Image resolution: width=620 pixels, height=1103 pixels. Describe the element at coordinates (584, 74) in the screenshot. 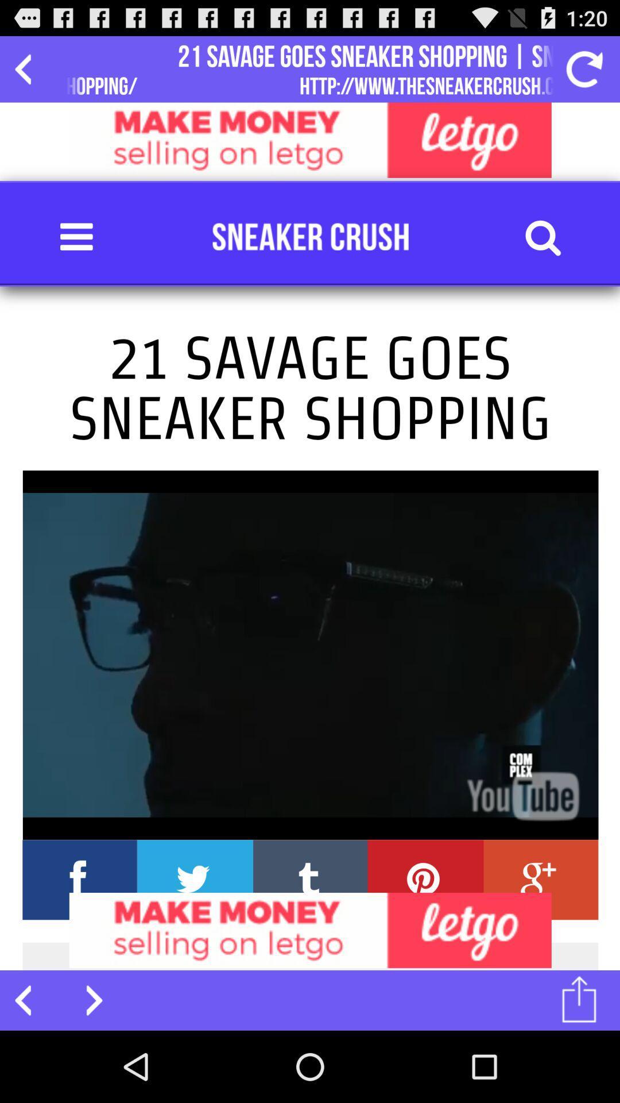

I see `the refresh icon` at that location.